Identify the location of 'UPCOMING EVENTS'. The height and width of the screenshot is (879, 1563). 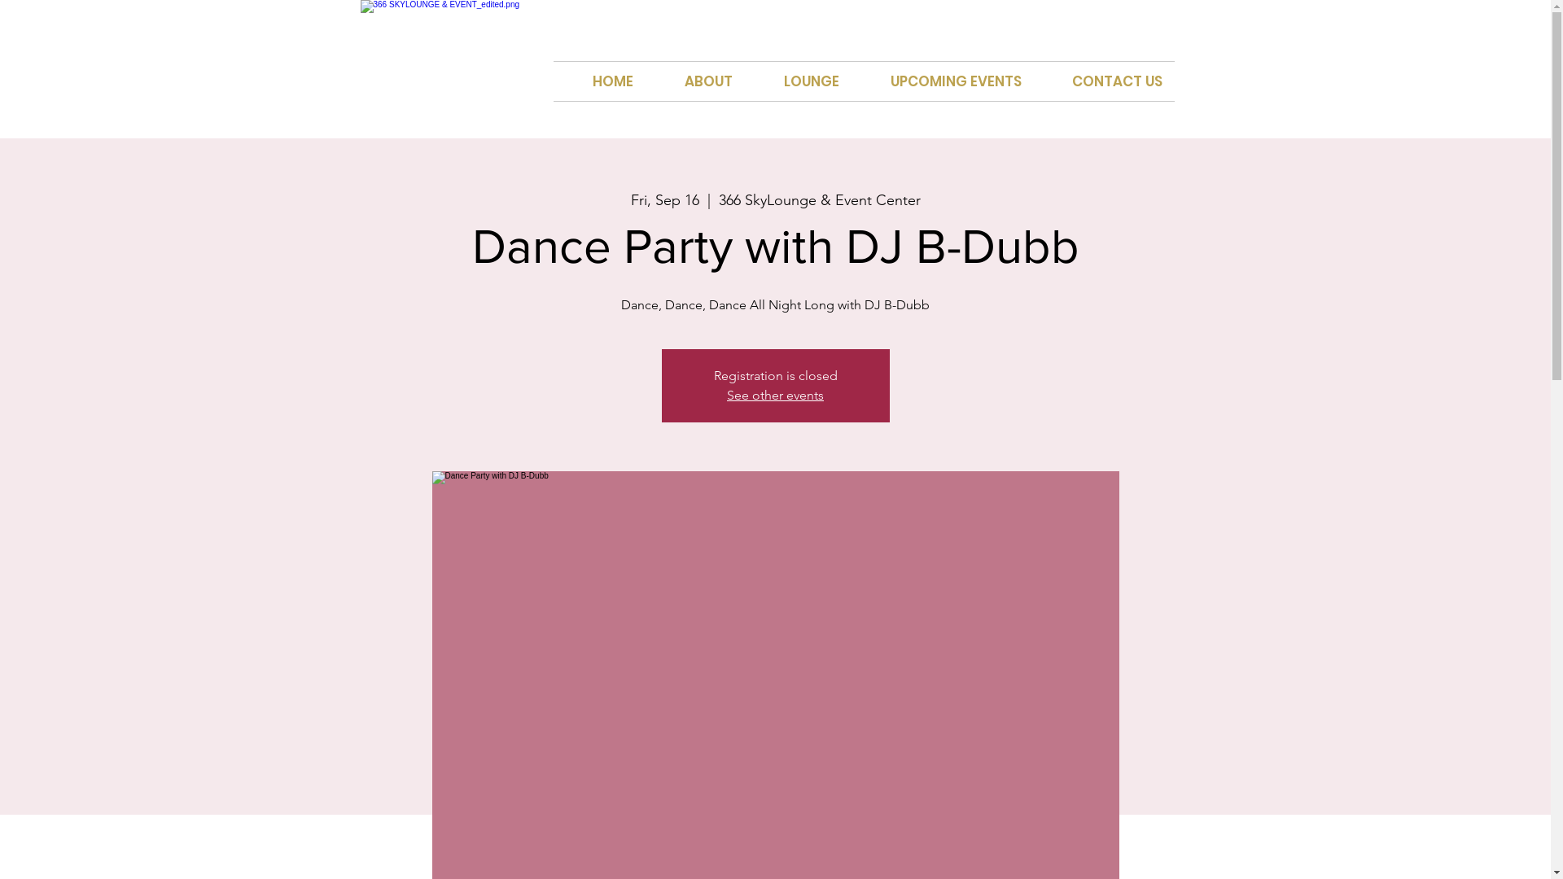
(851, 81).